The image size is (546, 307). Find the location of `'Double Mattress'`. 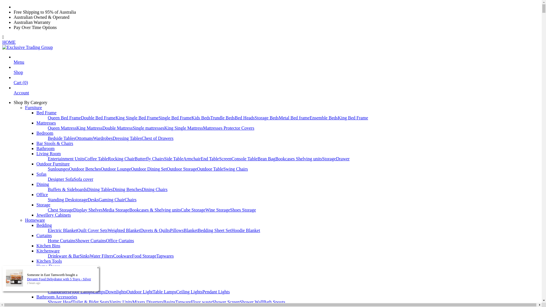

'Double Mattress' is located at coordinates (102, 128).